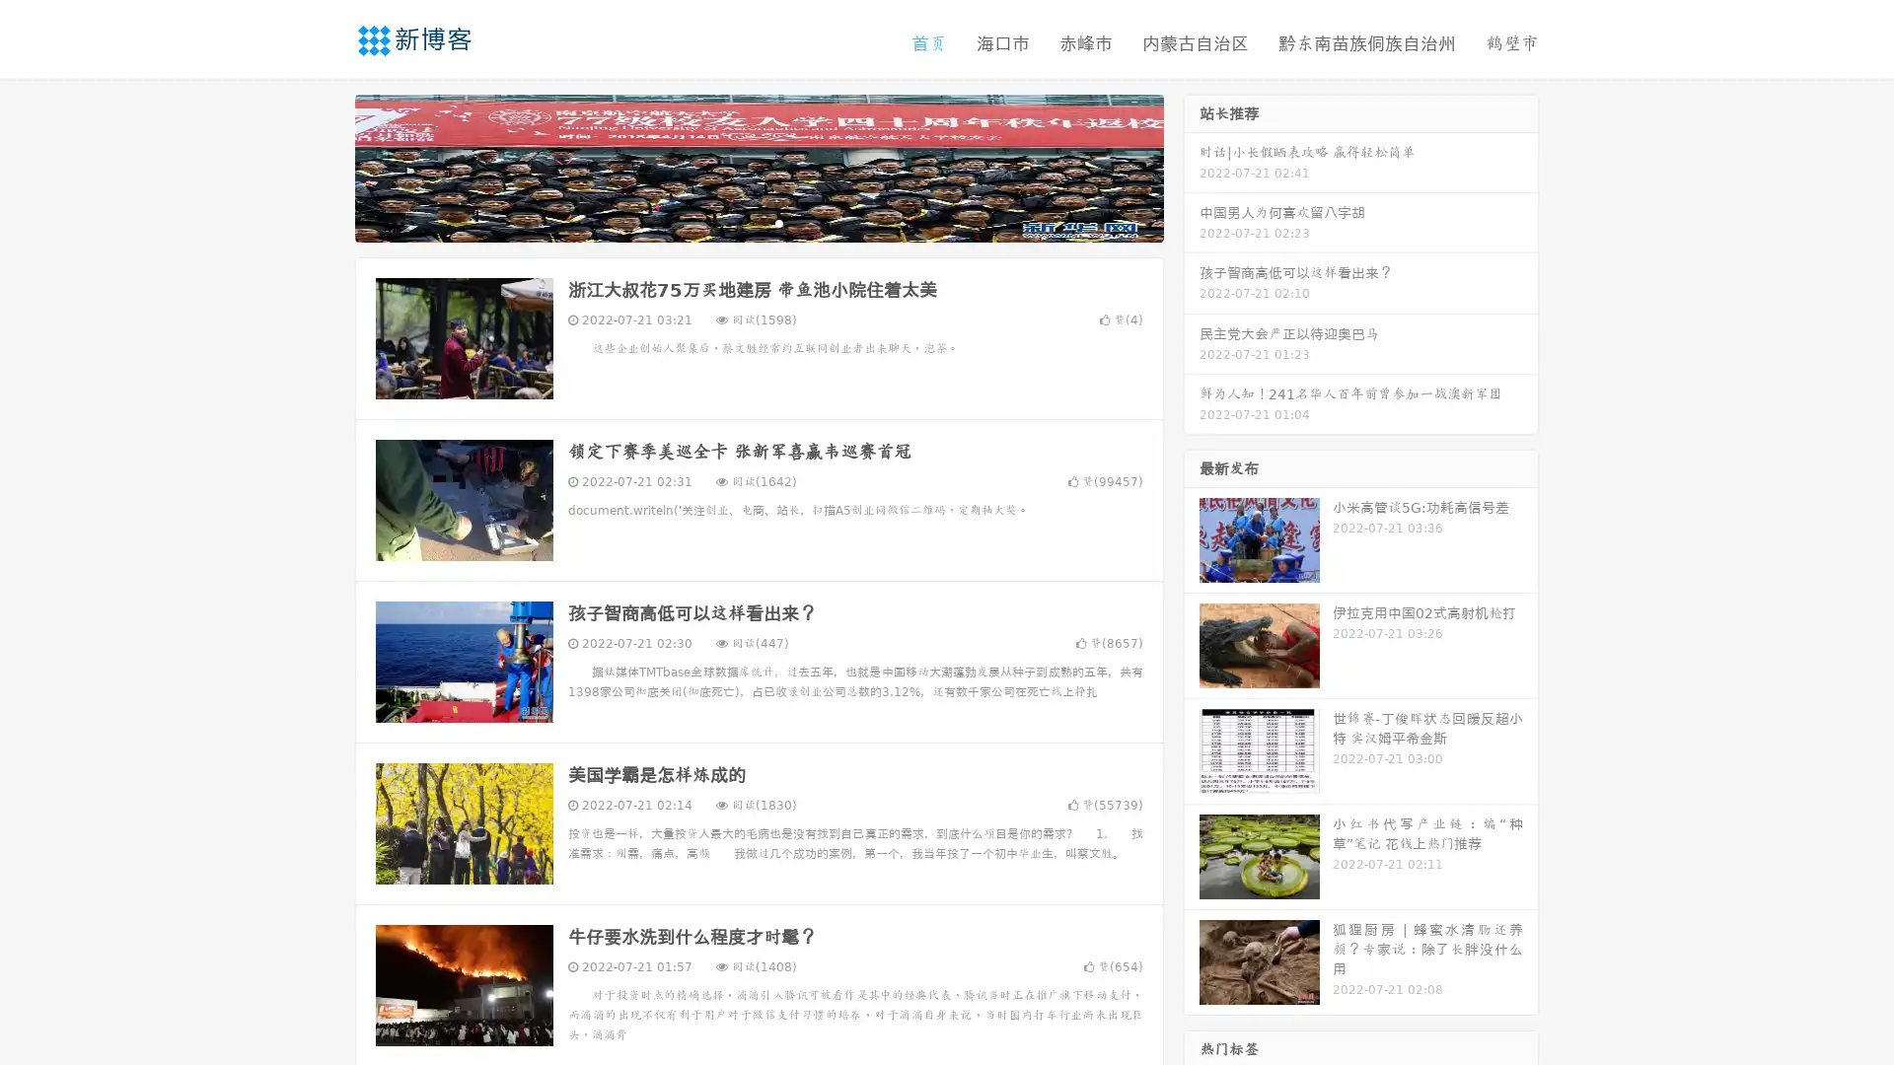 This screenshot has height=1065, width=1894. What do you see at coordinates (326, 166) in the screenshot?
I see `Previous slide` at bounding box center [326, 166].